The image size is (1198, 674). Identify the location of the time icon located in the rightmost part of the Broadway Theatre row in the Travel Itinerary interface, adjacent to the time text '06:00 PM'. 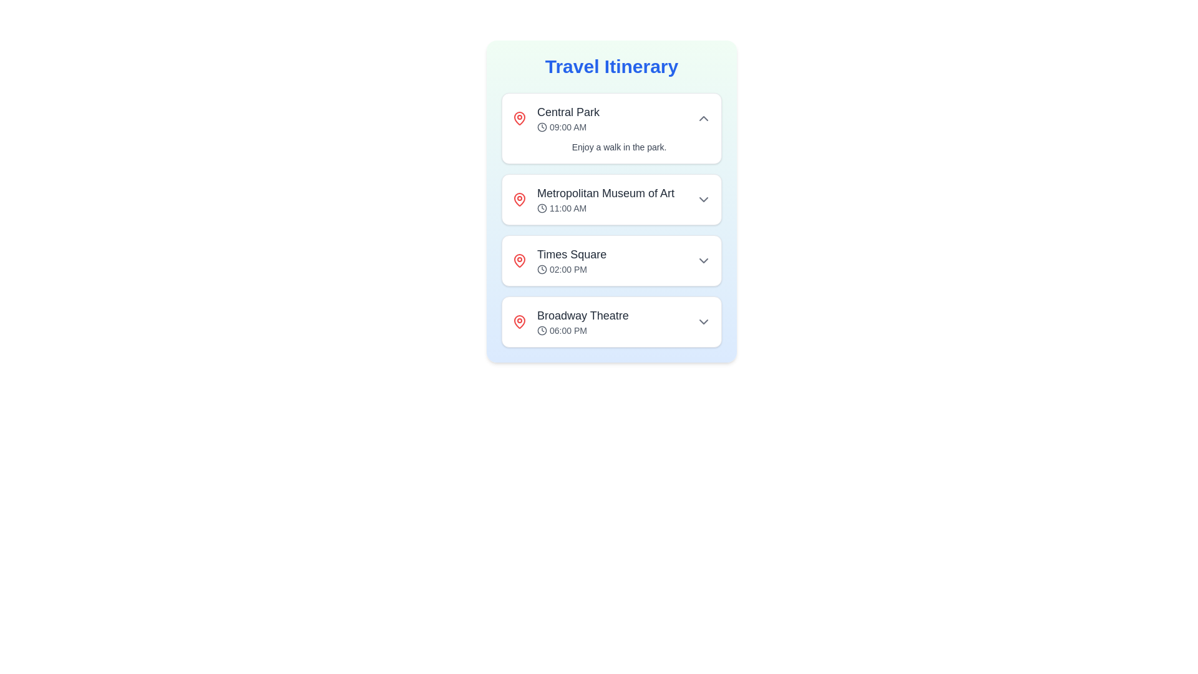
(542, 330).